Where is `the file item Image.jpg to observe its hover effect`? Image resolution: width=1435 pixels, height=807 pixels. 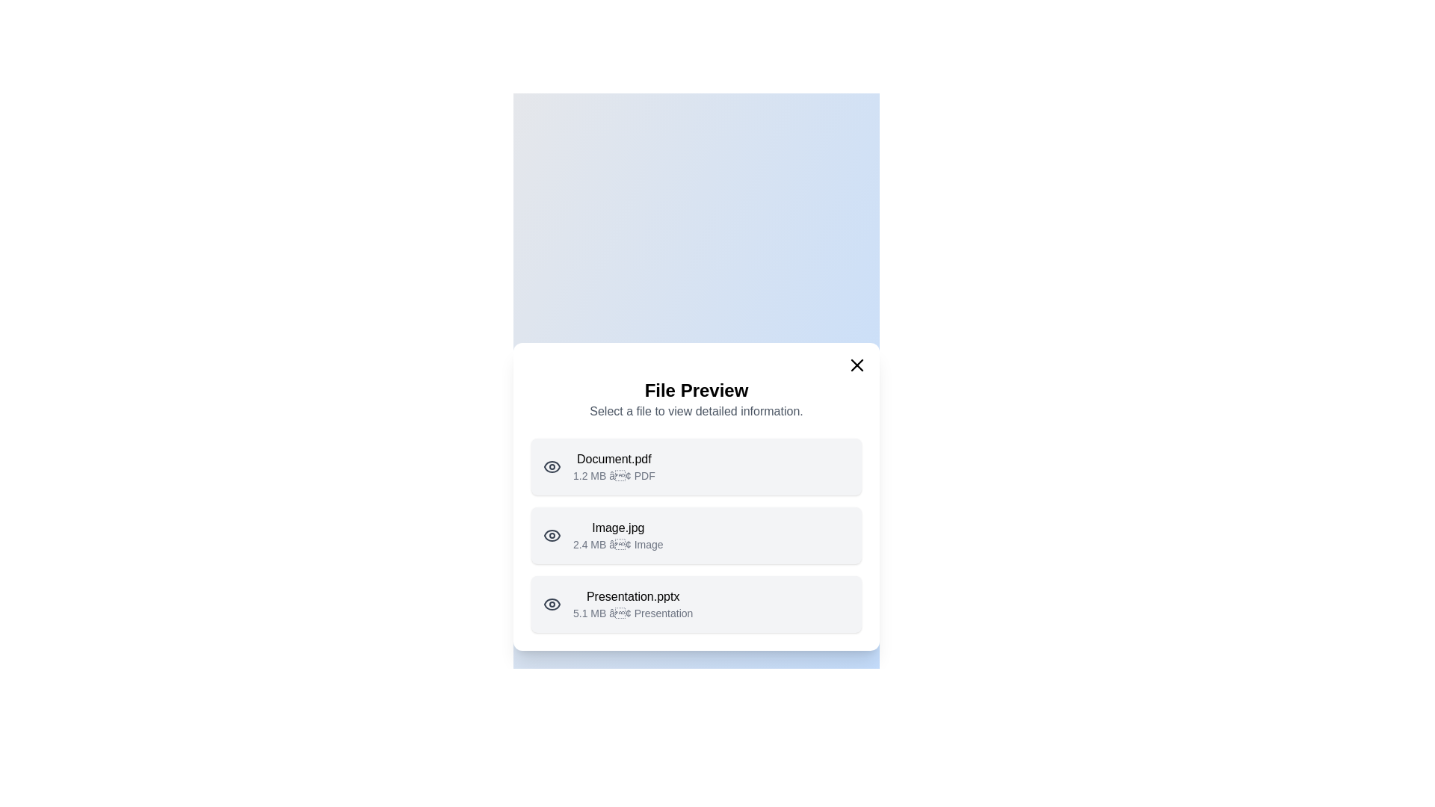
the file item Image.jpg to observe its hover effect is located at coordinates (695, 535).